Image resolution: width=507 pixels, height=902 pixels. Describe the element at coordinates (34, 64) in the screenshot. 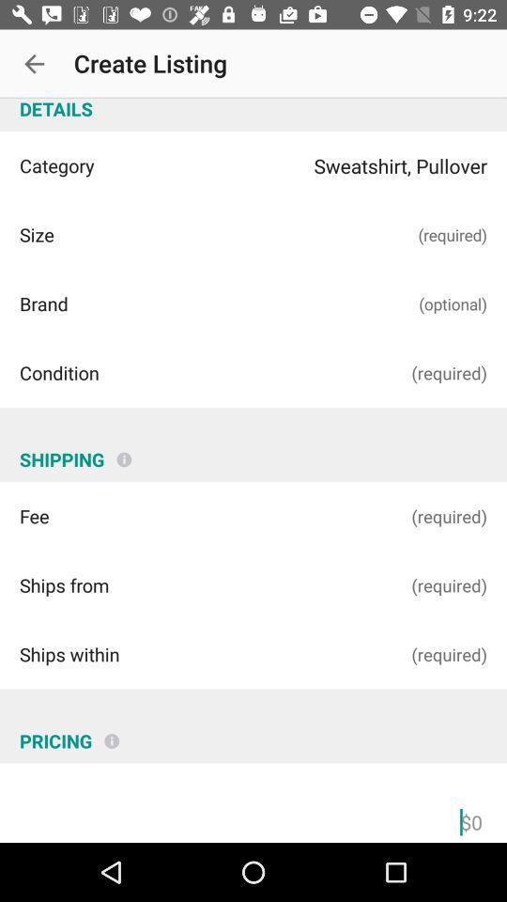

I see `icon next to create listing icon` at that location.